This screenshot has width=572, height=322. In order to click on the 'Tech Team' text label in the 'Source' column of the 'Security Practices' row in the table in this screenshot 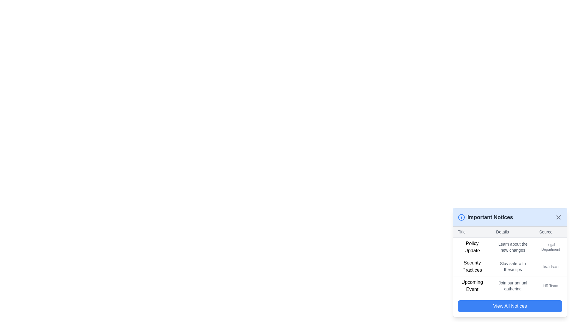, I will do `click(550, 266)`.